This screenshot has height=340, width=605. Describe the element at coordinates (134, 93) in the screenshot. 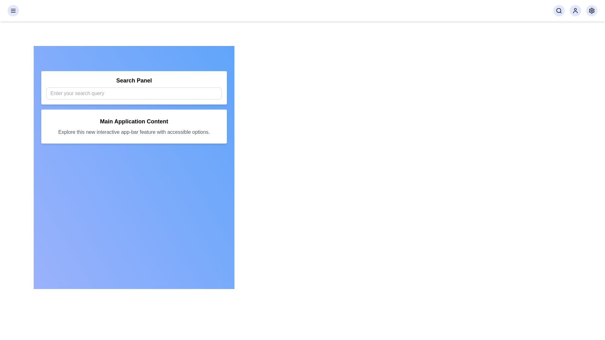

I see `the search input field and type the string 'example query'` at that location.